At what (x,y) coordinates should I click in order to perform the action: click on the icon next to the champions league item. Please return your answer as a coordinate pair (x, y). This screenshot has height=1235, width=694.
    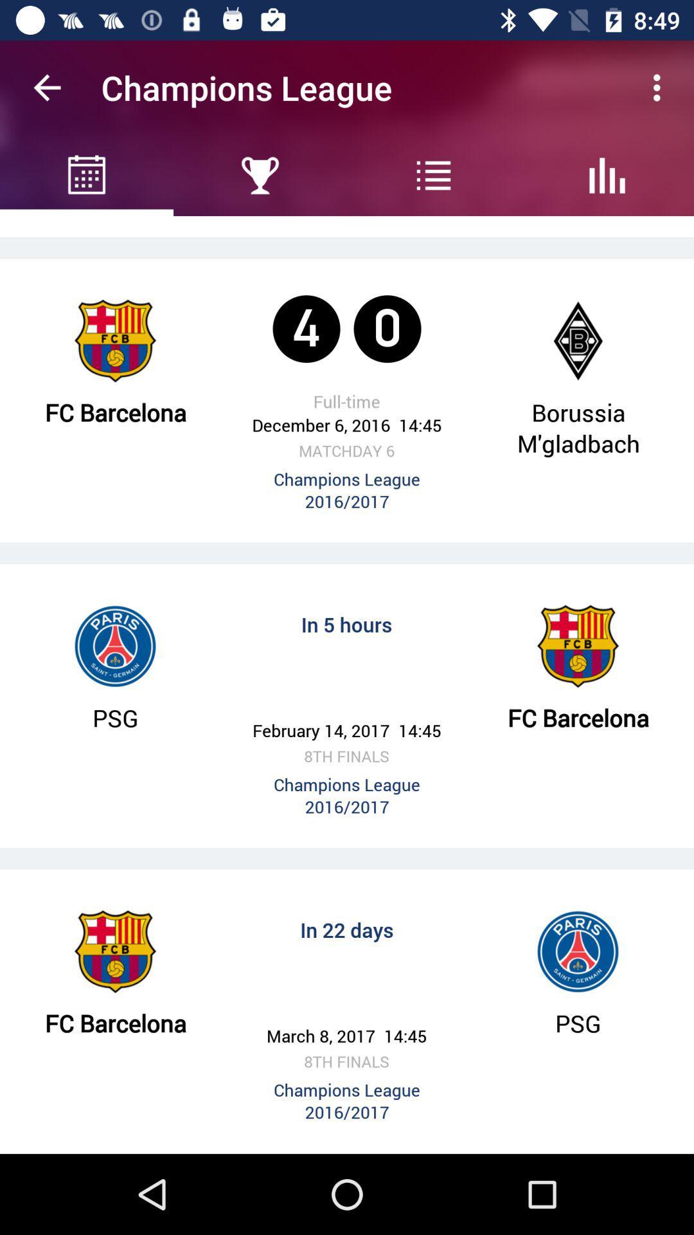
    Looking at the image, I should click on (46, 87).